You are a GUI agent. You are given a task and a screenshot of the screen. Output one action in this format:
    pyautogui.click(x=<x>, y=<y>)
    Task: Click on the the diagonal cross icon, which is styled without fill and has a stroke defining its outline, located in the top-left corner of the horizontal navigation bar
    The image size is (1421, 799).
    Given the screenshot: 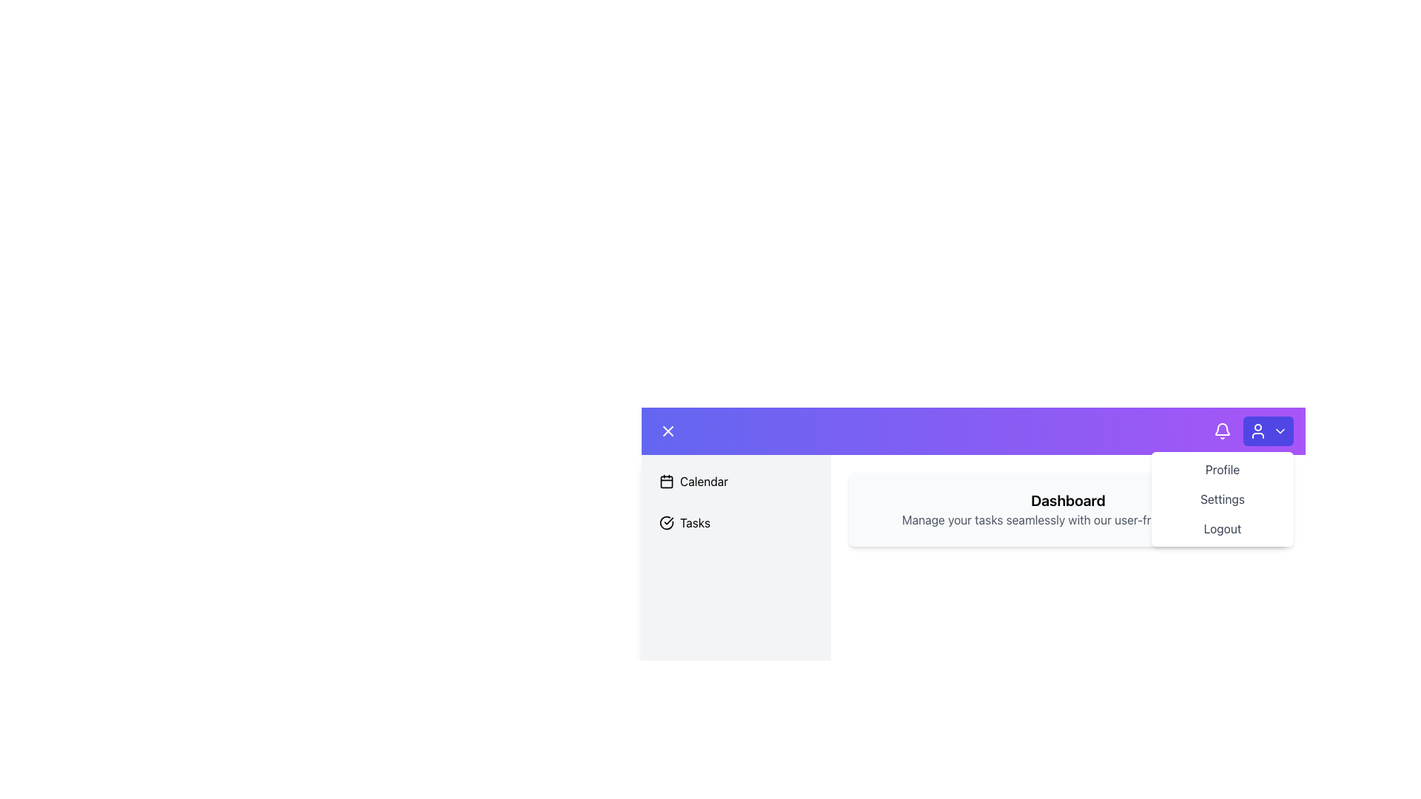 What is the action you would take?
    pyautogui.click(x=667, y=431)
    